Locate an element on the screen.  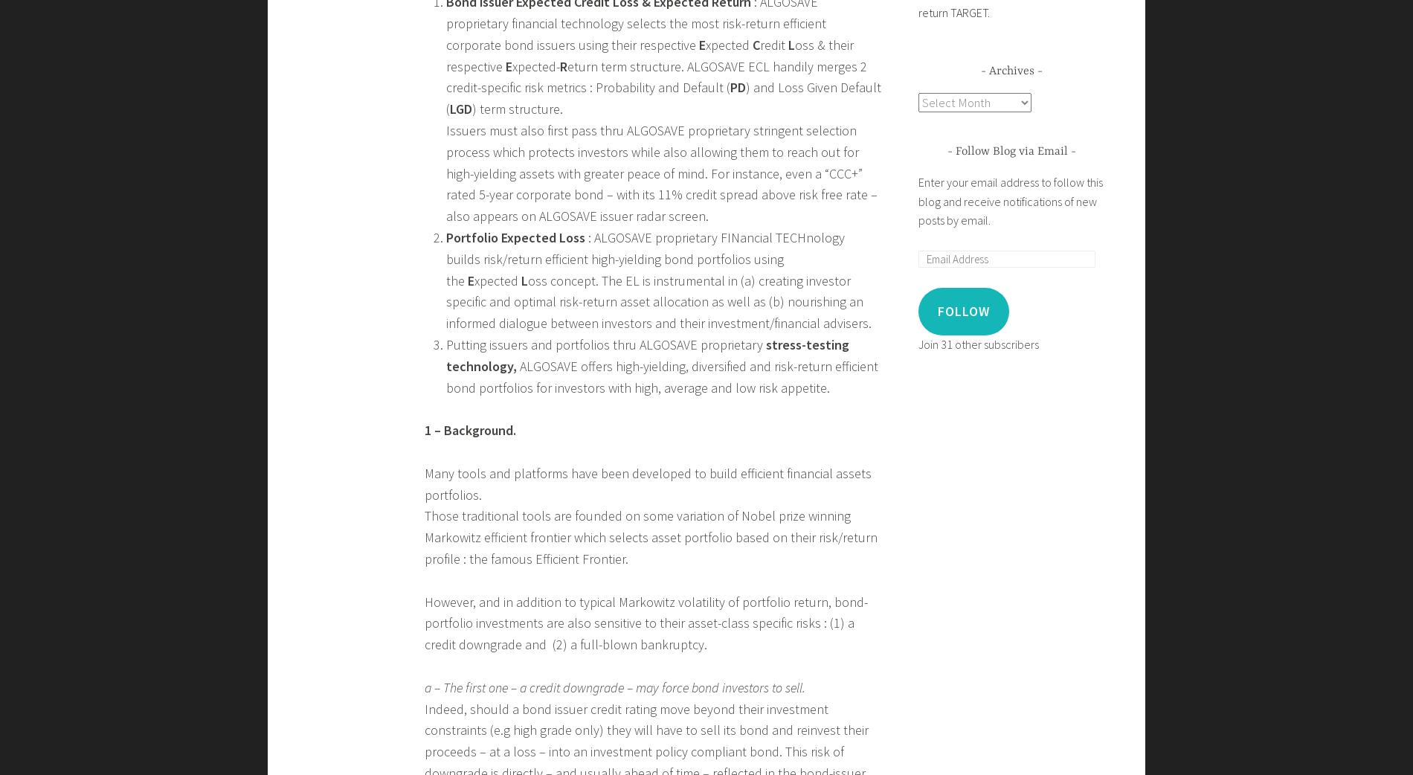
'Putting issuers and portfolios thru ALGOSAVE proprietary' is located at coordinates (604, 344).